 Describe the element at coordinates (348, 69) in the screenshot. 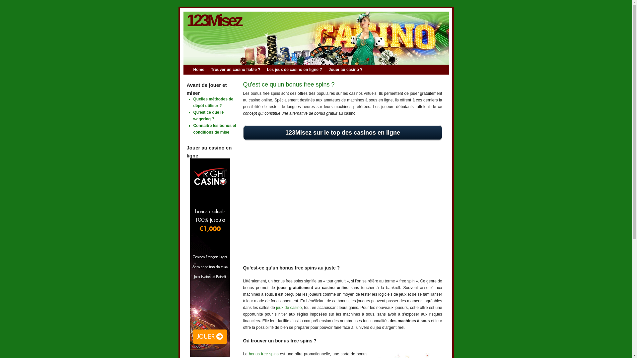

I see `'Jouer au casino ?'` at that location.